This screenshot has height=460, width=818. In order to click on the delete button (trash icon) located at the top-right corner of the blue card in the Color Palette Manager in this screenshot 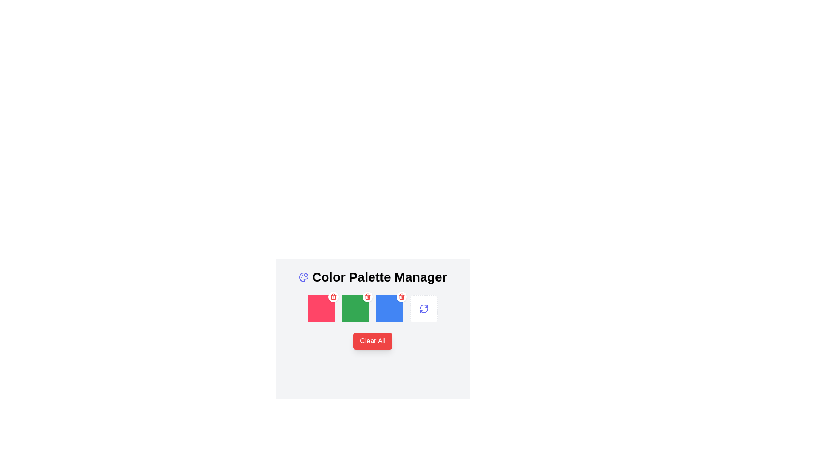, I will do `click(401, 296)`.